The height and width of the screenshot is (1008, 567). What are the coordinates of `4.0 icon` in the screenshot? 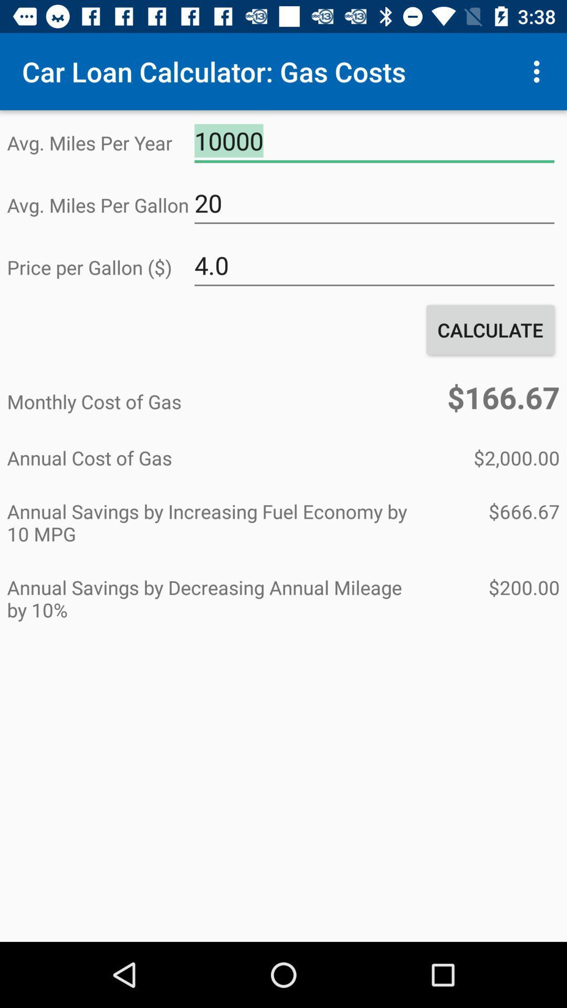 It's located at (374, 266).